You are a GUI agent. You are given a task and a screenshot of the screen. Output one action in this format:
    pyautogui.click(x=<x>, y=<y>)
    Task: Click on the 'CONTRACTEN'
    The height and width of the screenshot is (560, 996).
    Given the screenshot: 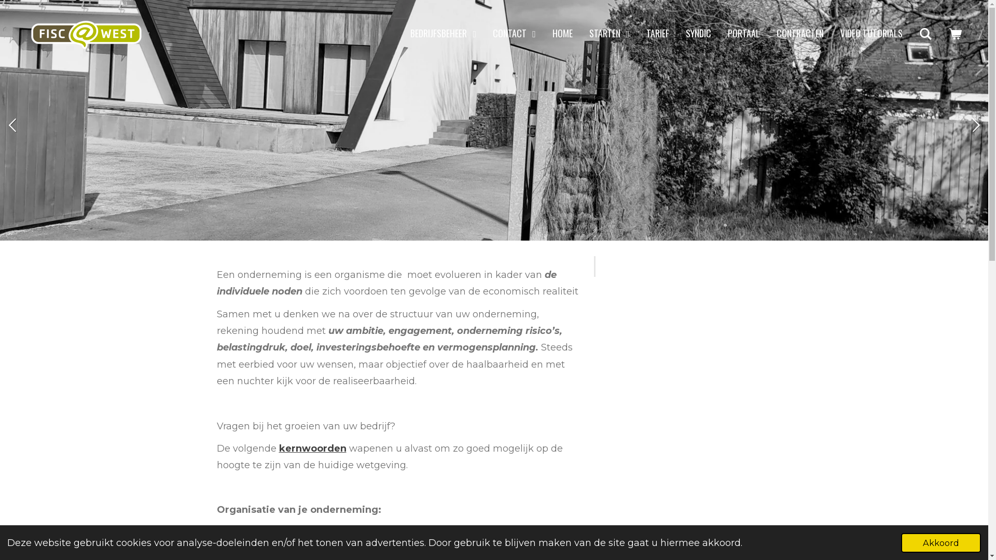 What is the action you would take?
    pyautogui.click(x=799, y=33)
    